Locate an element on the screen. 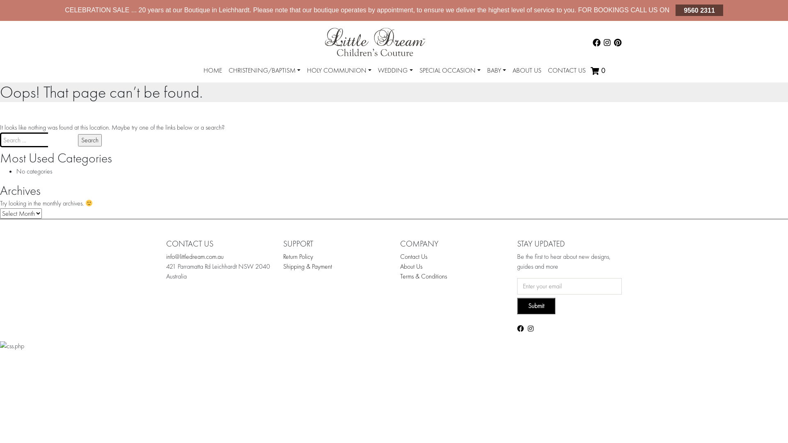 This screenshot has width=788, height=443. 'info@littledream.com.au' is located at coordinates (195, 256).